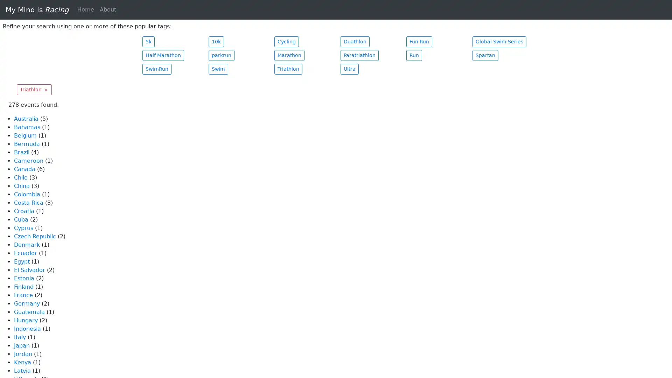 Image resolution: width=672 pixels, height=378 pixels. I want to click on 10k, so click(216, 42).